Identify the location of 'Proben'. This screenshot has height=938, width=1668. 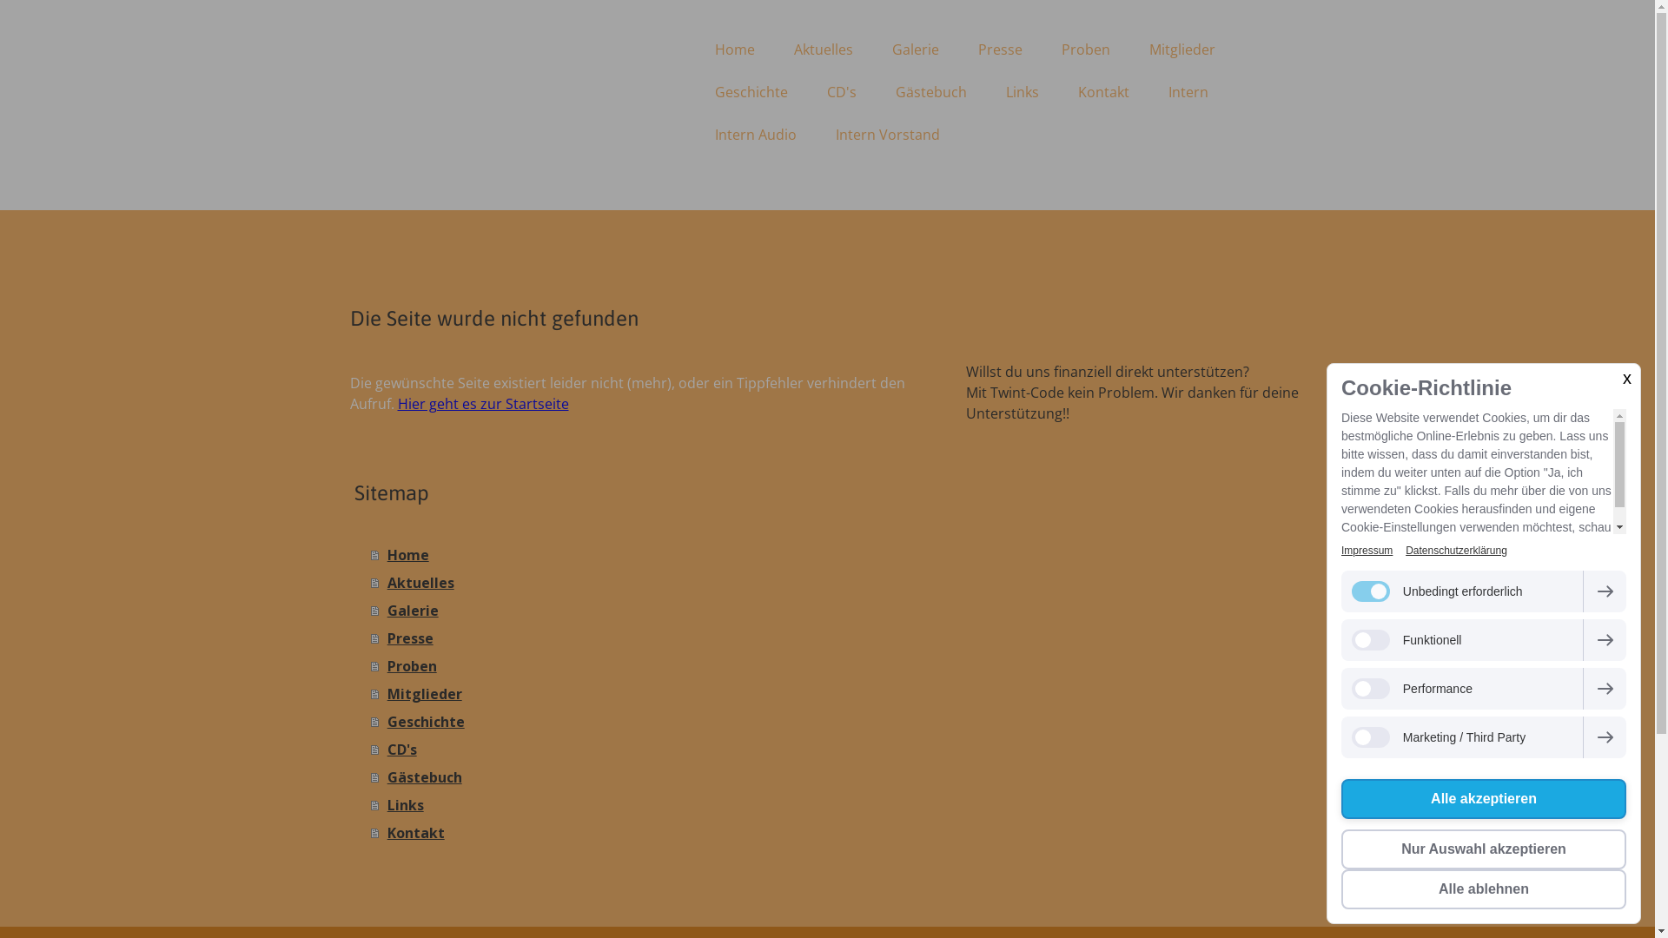
(1084, 49).